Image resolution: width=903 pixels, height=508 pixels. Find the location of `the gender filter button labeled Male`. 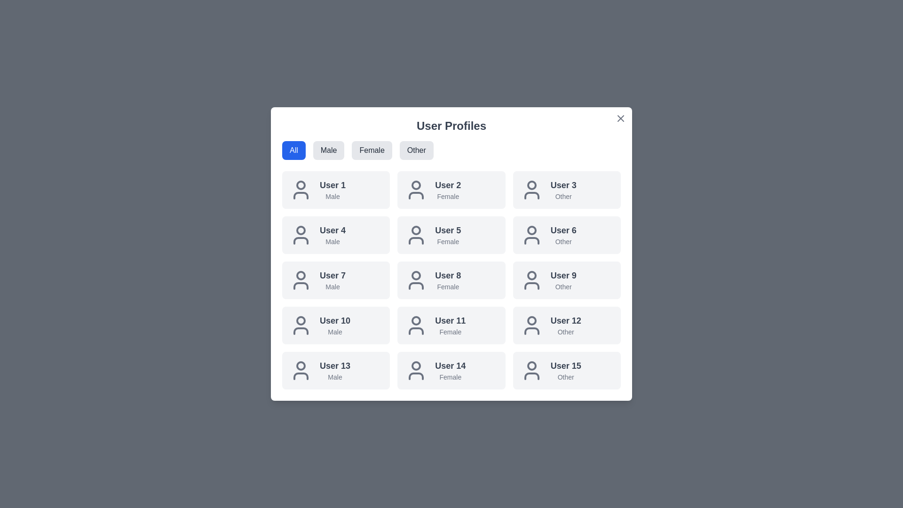

the gender filter button labeled Male is located at coordinates (329, 150).